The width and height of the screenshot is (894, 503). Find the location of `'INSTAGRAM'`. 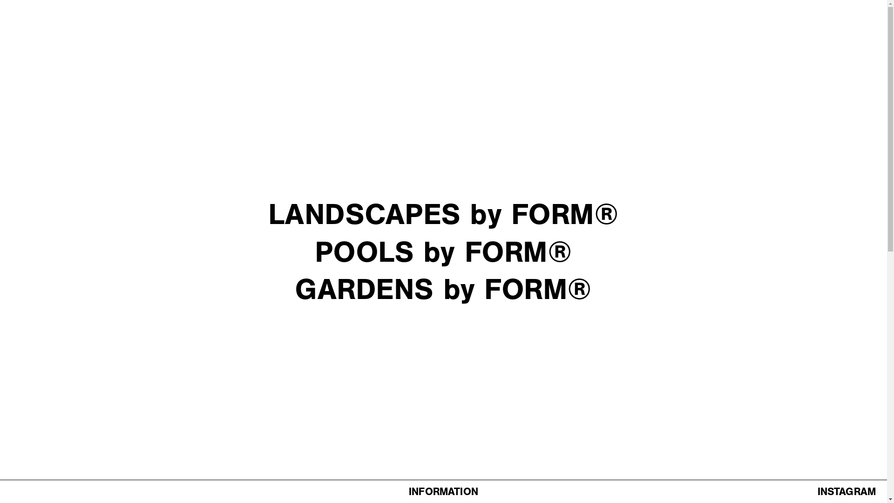

'INSTAGRAM' is located at coordinates (817, 491).